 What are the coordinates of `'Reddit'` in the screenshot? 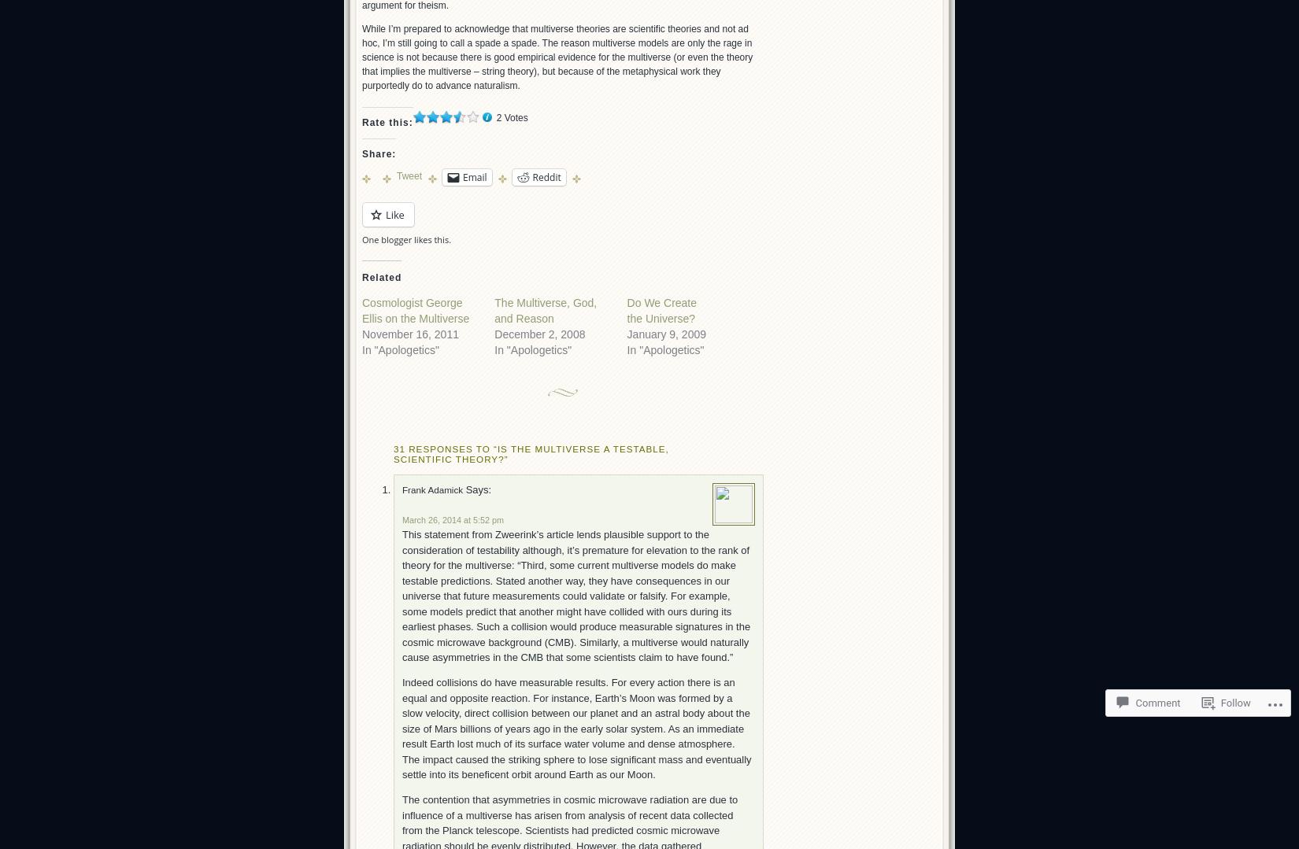 It's located at (545, 175).